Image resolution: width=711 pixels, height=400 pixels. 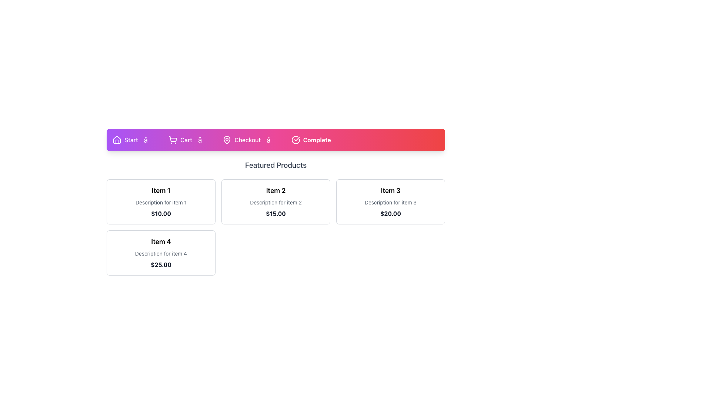 What do you see at coordinates (172, 139) in the screenshot?
I see `the shopping cart icon in the navigation bar` at bounding box center [172, 139].